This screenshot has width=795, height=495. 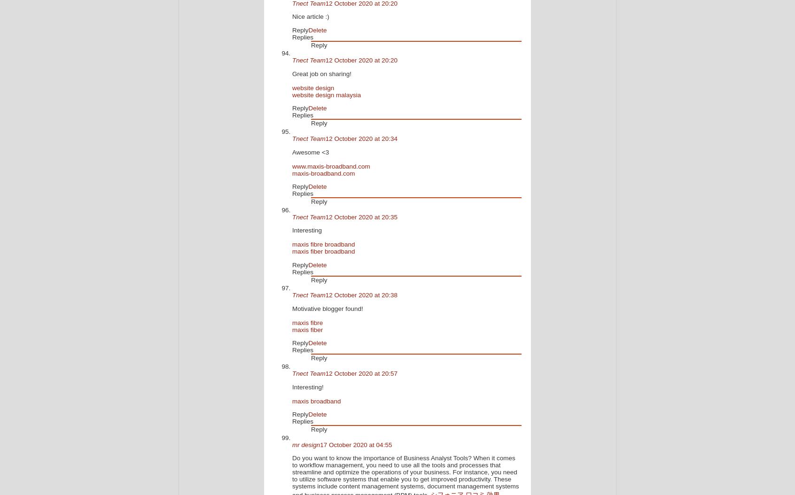 What do you see at coordinates (331, 166) in the screenshot?
I see `'www.maxis-broadband.com'` at bounding box center [331, 166].